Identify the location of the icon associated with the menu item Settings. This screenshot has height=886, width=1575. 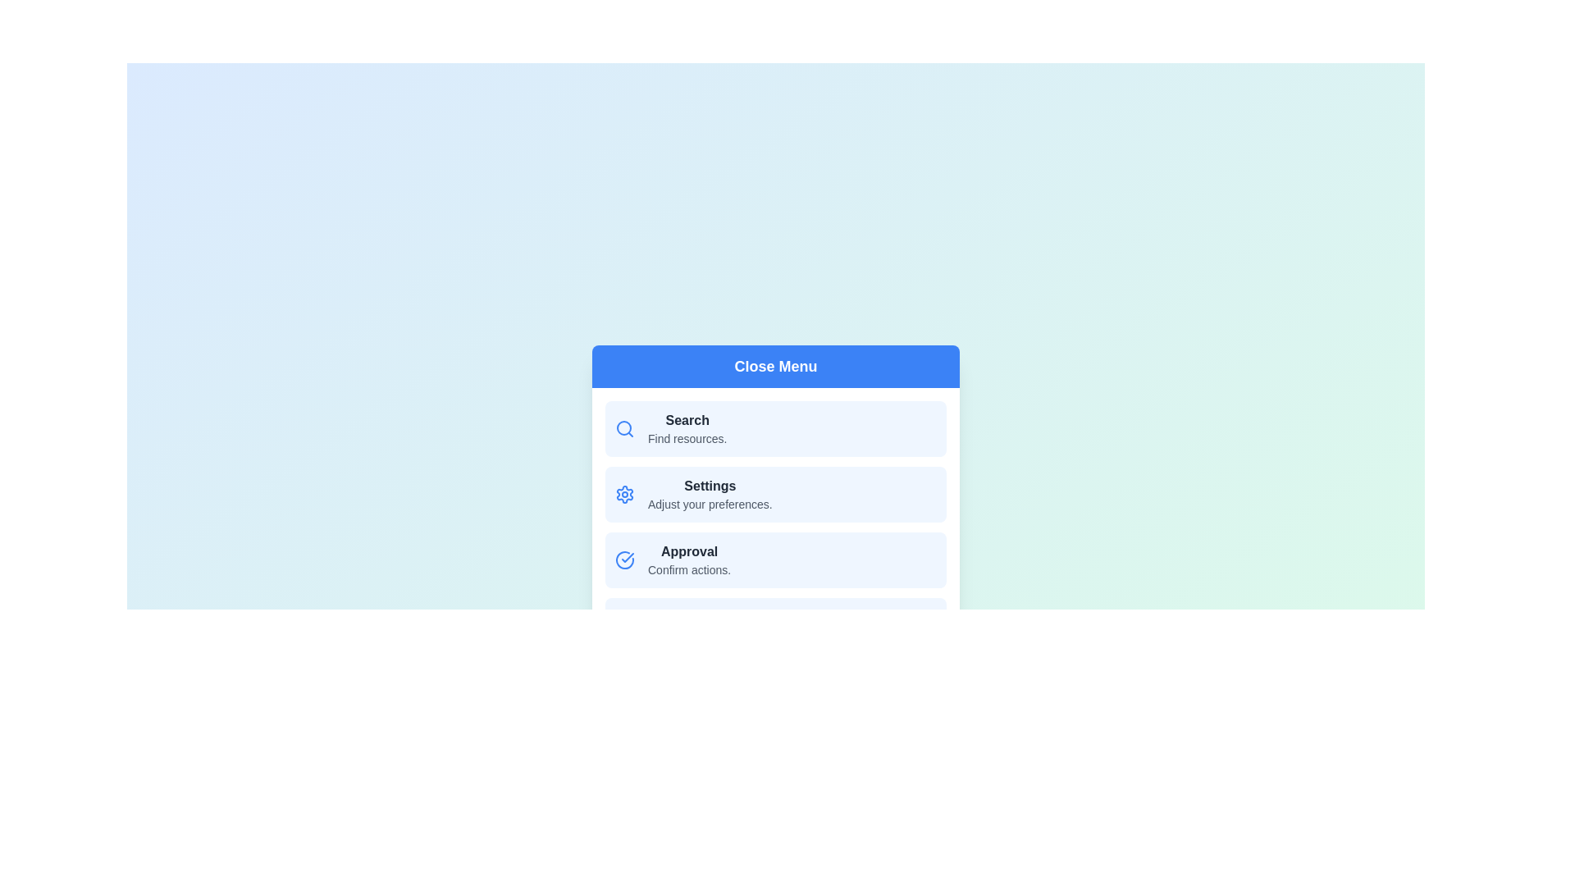
(624, 493).